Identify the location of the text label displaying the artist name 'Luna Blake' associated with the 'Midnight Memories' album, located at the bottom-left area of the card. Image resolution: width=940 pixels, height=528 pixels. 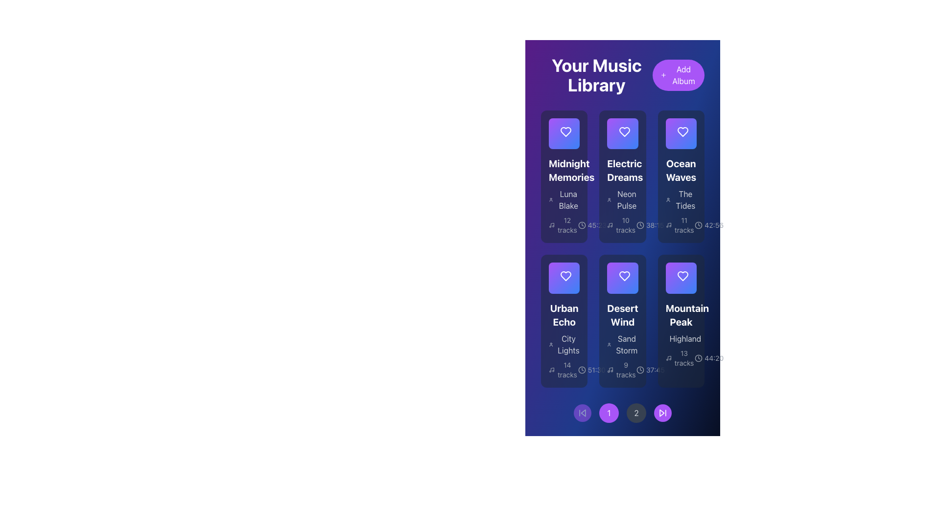
(568, 199).